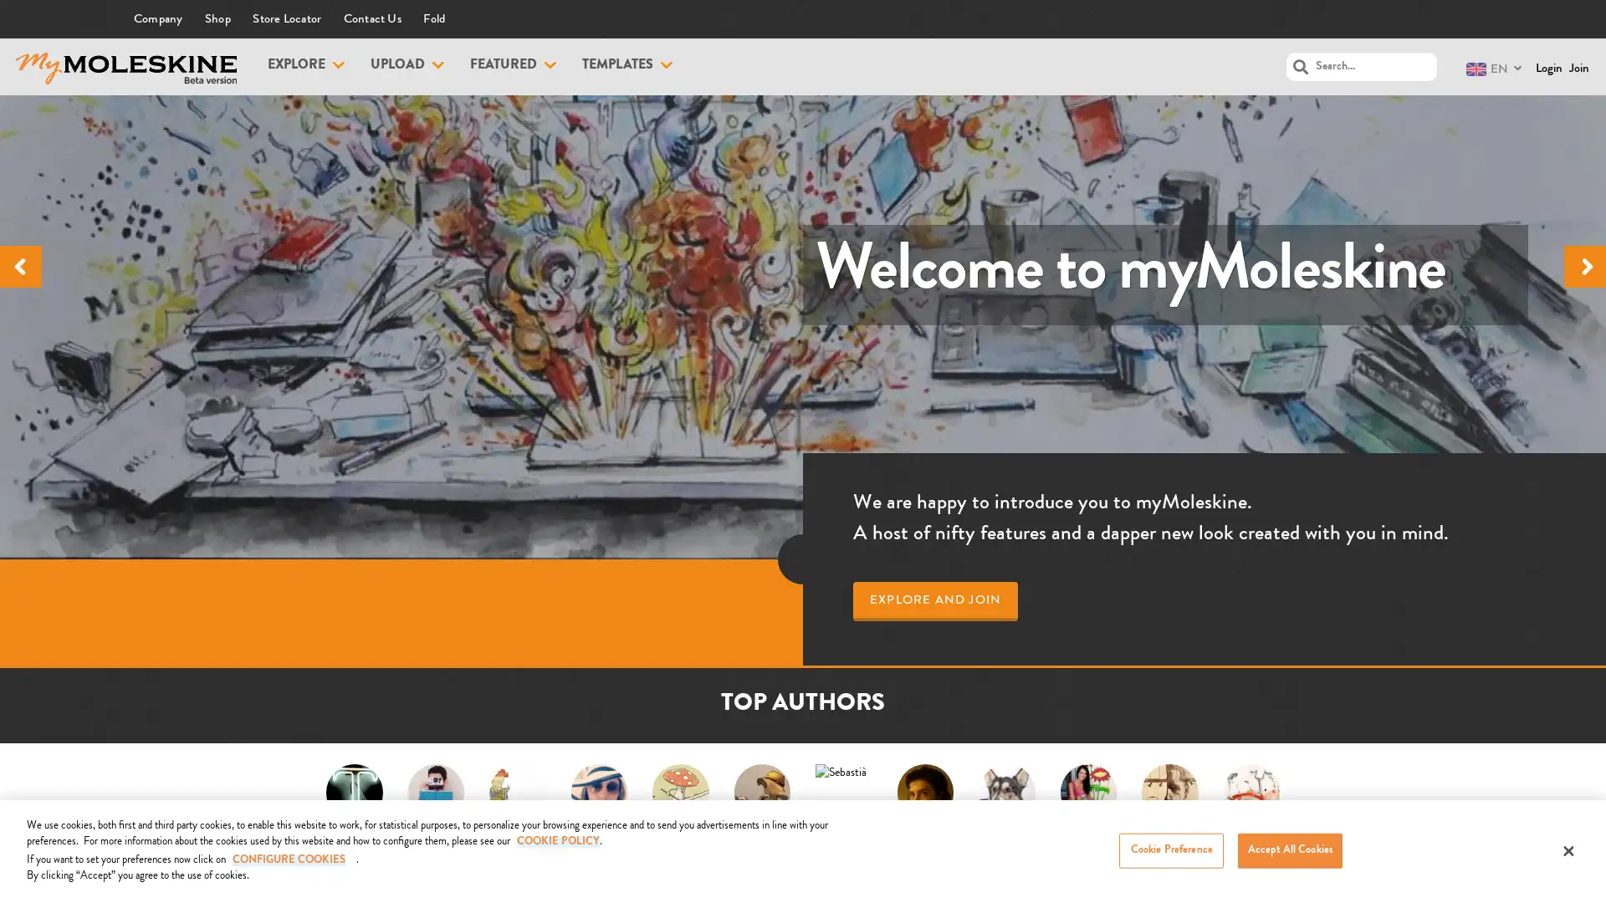 This screenshot has height=903, width=1606. I want to click on Close, so click(1567, 851).